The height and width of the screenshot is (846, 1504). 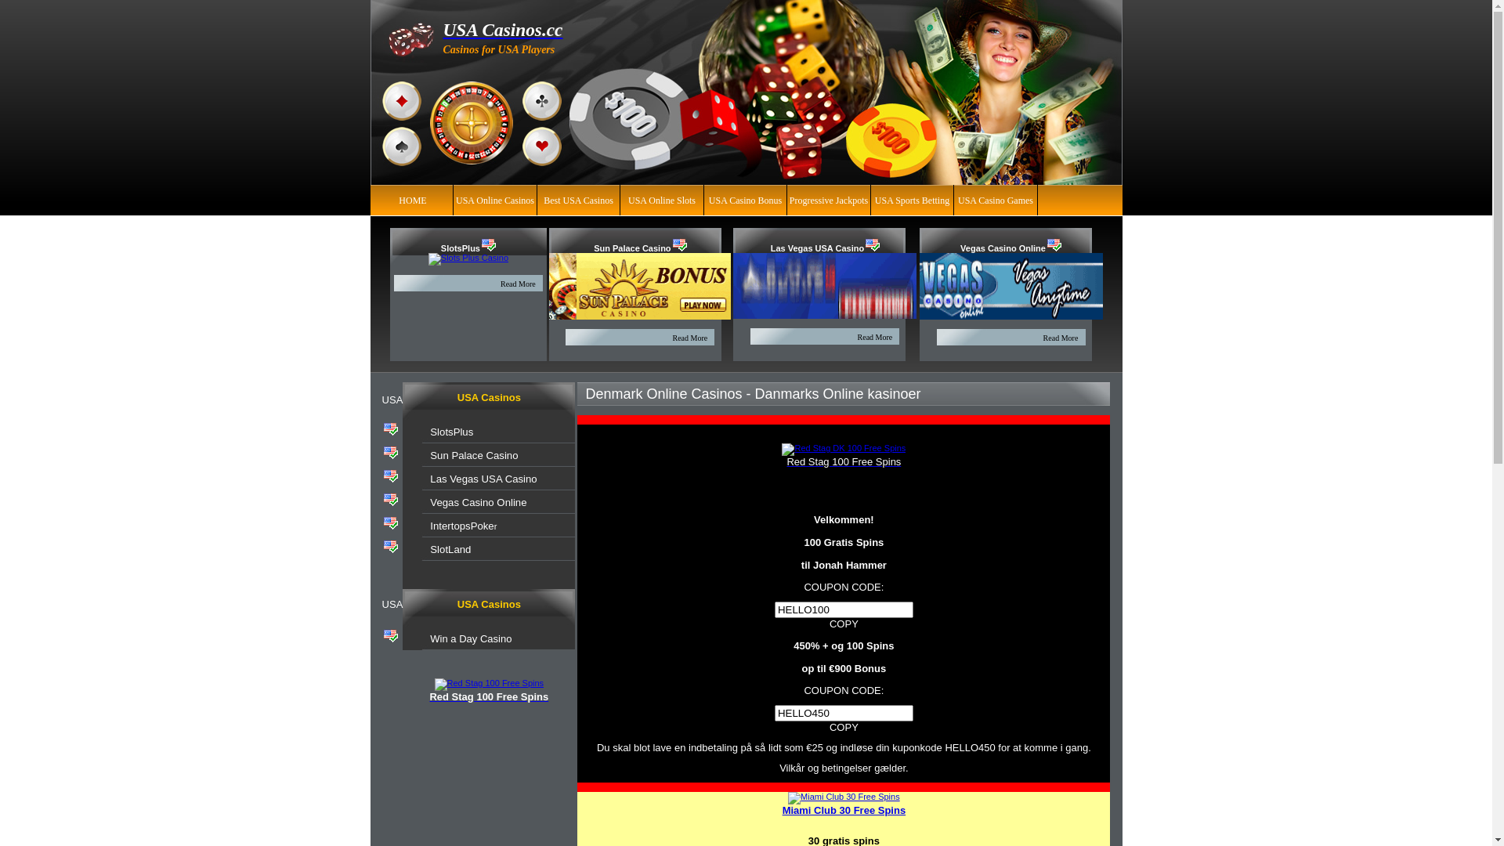 I want to click on 'Las Vegas USA Casino', so click(x=483, y=479).